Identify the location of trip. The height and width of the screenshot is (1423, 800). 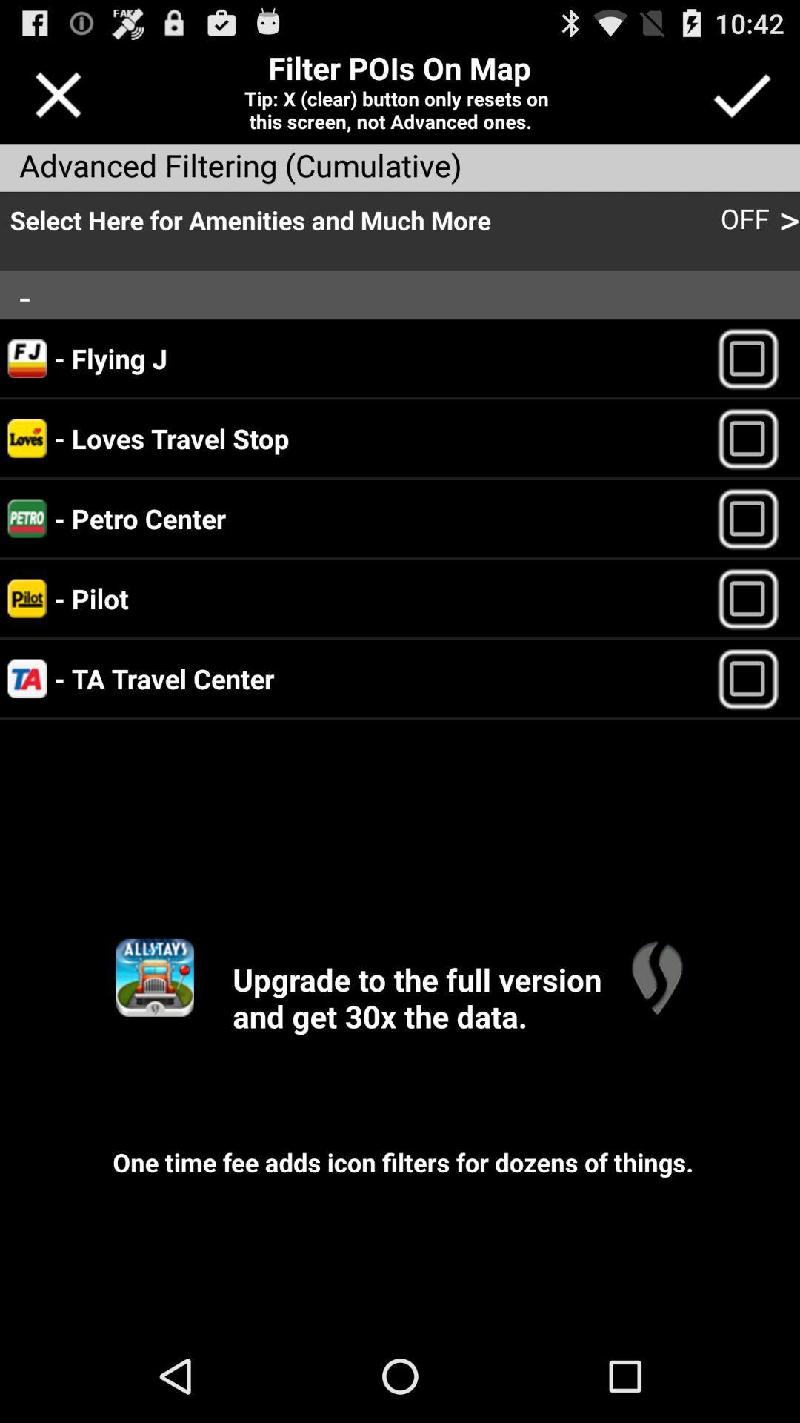
(755, 677).